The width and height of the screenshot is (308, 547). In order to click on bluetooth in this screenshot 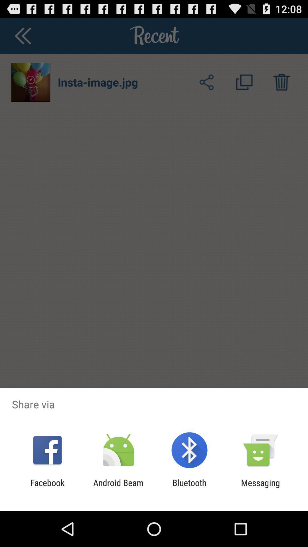, I will do `click(189, 487)`.